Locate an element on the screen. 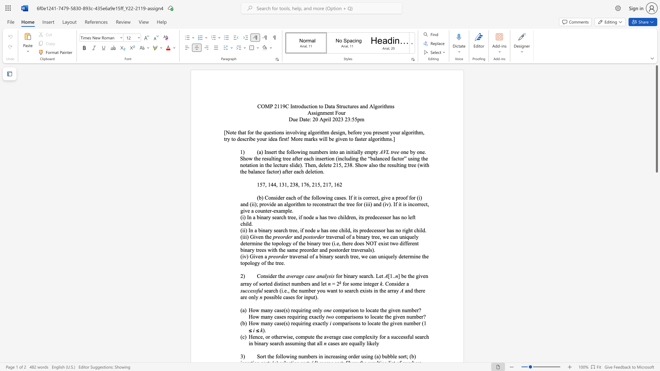  the subset text "iven number? How many cases requiring" within the text "comparison to locate the given number? How many cases requiring exactly" is located at coordinates (391, 310).